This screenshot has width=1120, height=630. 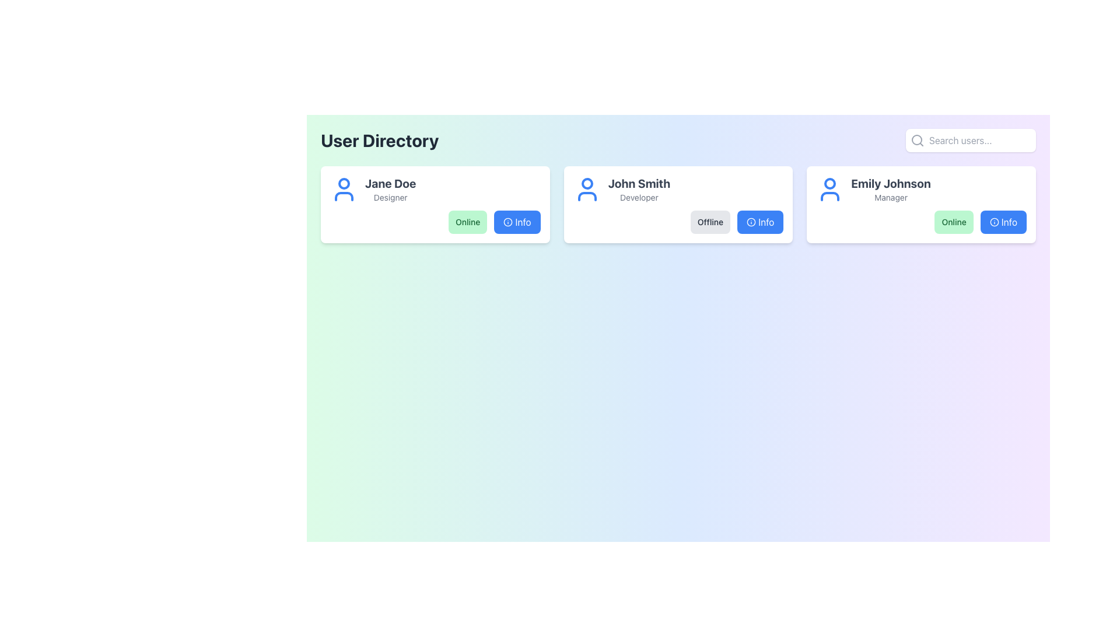 What do you see at coordinates (587, 184) in the screenshot?
I see `the decorative circular head portion of the user icon for 'John Smith' in the middle card of the three-card layout` at bounding box center [587, 184].